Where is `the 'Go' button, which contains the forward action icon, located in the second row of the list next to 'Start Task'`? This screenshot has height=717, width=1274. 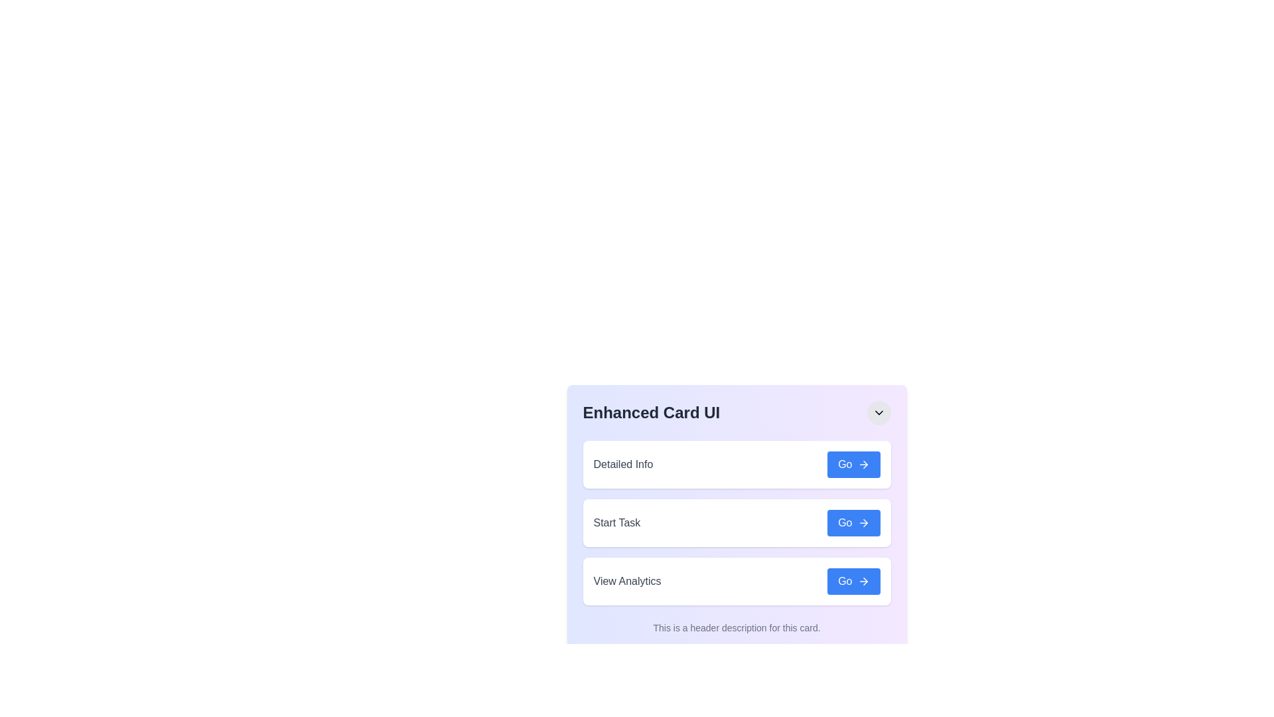 the 'Go' button, which contains the forward action icon, located in the second row of the list next to 'Start Task' is located at coordinates (865, 522).